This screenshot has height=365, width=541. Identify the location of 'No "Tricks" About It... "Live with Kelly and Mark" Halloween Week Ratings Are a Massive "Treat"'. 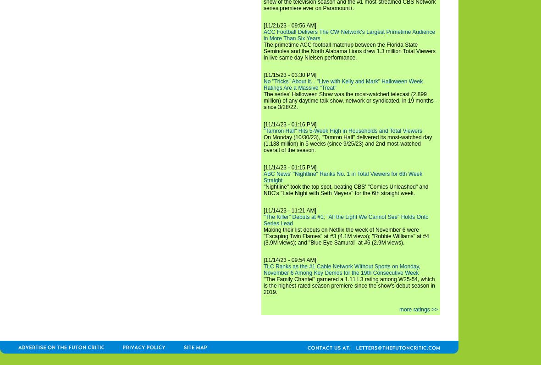
(264, 84).